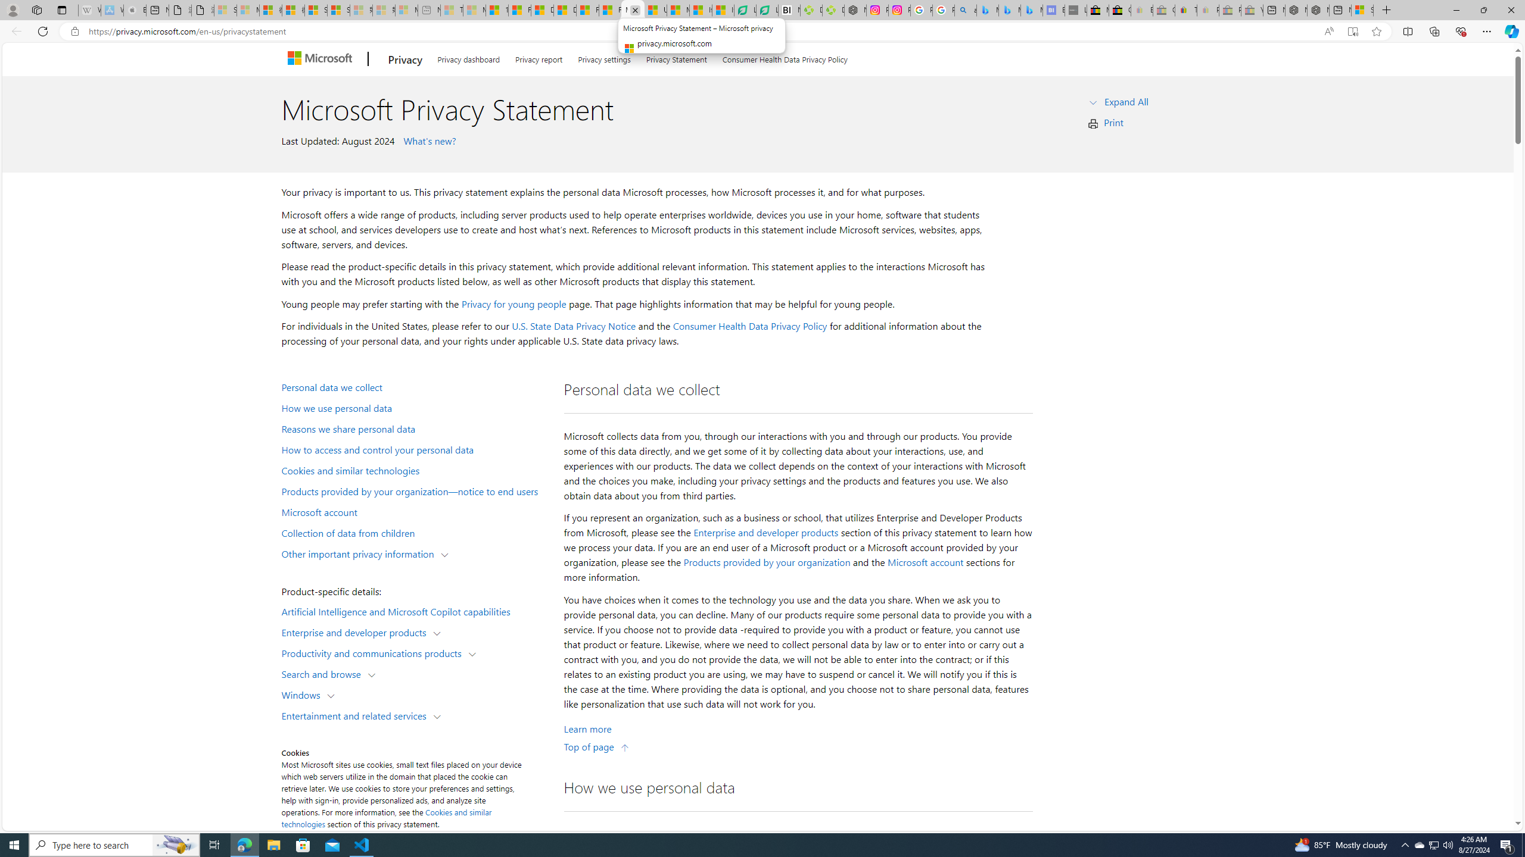 This screenshot has width=1525, height=857. Describe the element at coordinates (765, 531) in the screenshot. I see `'Enterprise and developer products'` at that location.